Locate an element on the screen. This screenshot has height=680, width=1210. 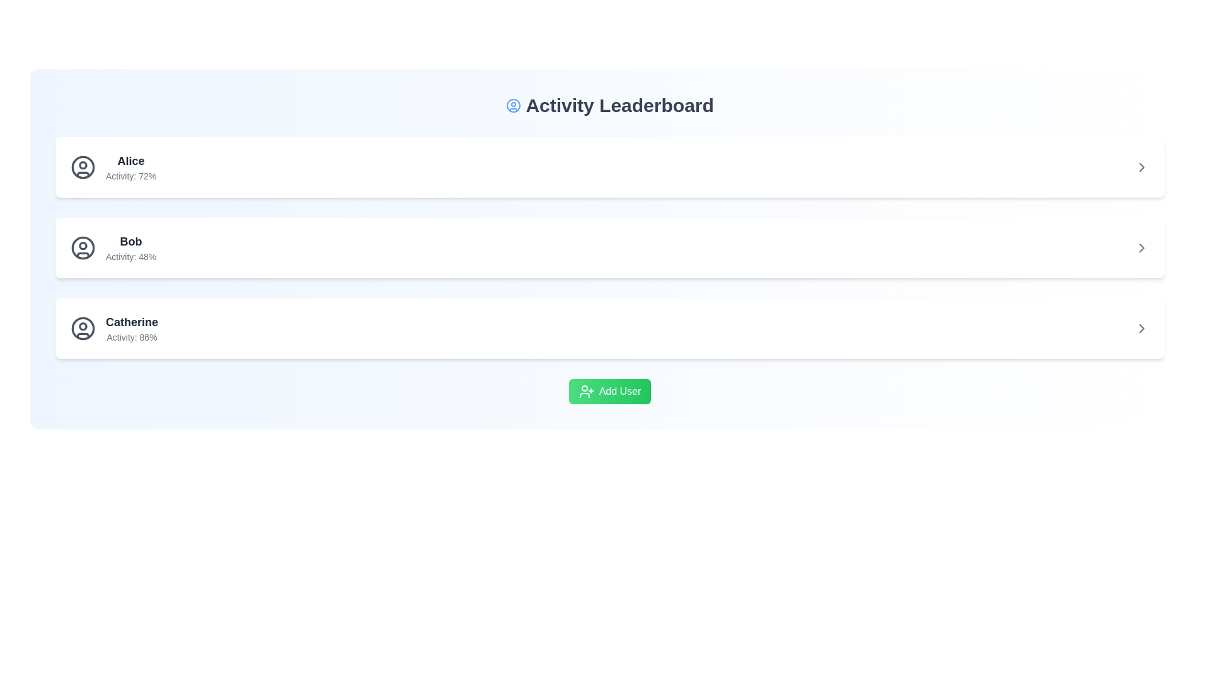
the circular graphic element inside the user profile icon for 'Bob' in the leaderboard interface is located at coordinates (83, 247).